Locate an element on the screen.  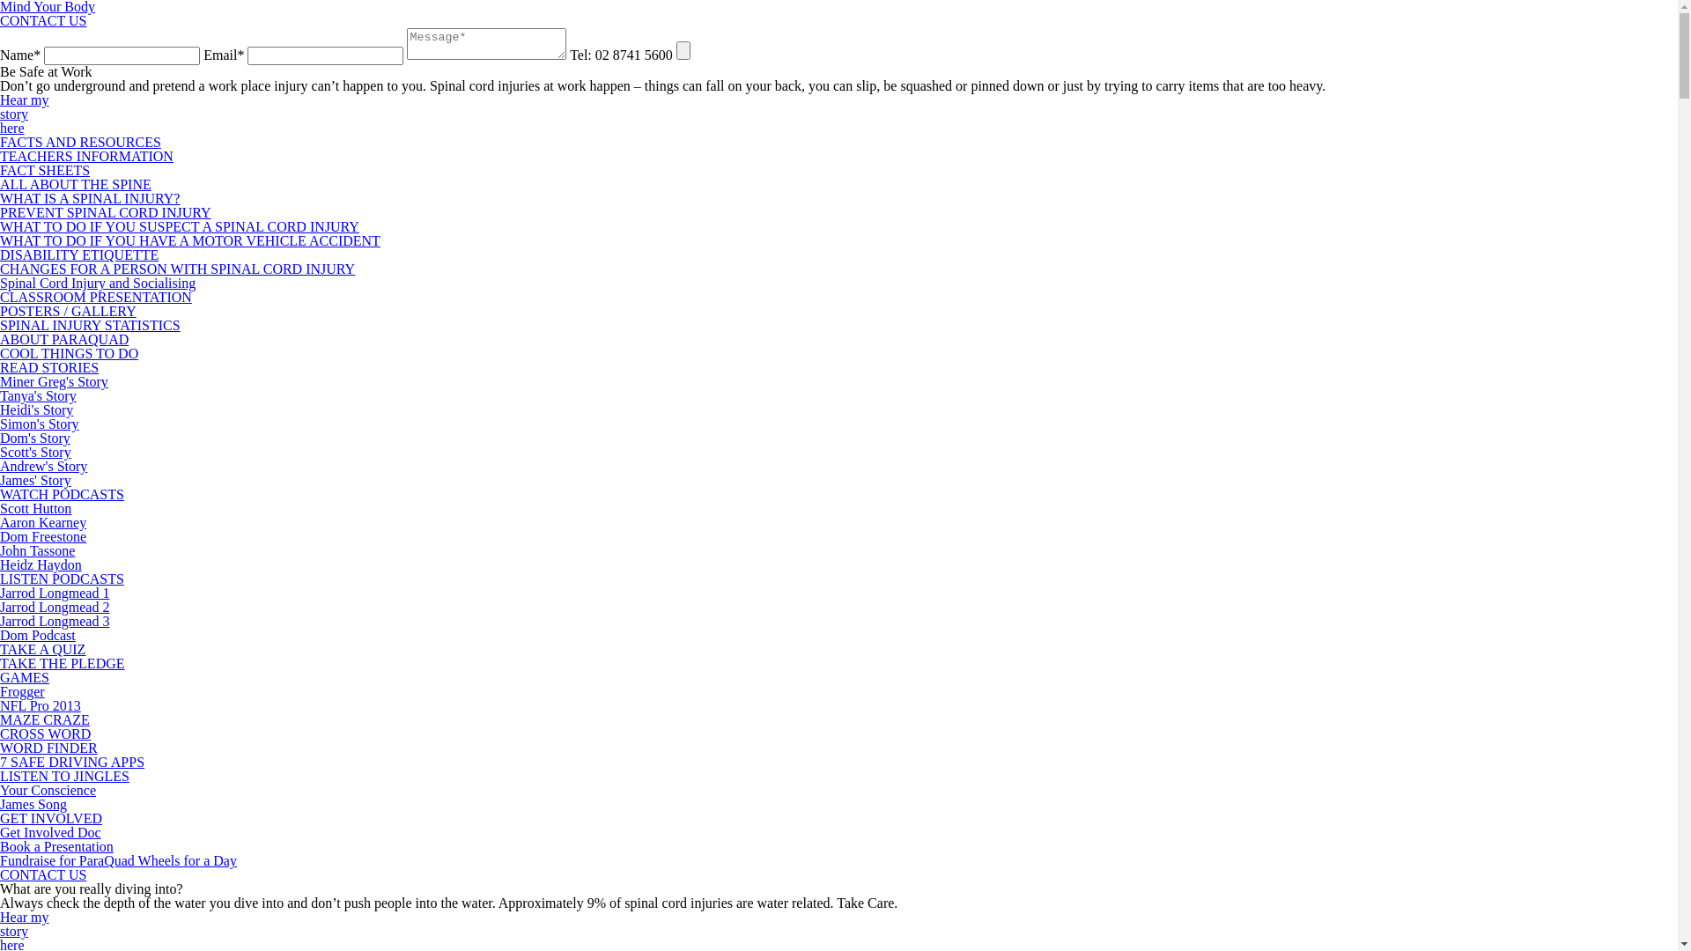
'Scott Hutton' is located at coordinates (35, 508).